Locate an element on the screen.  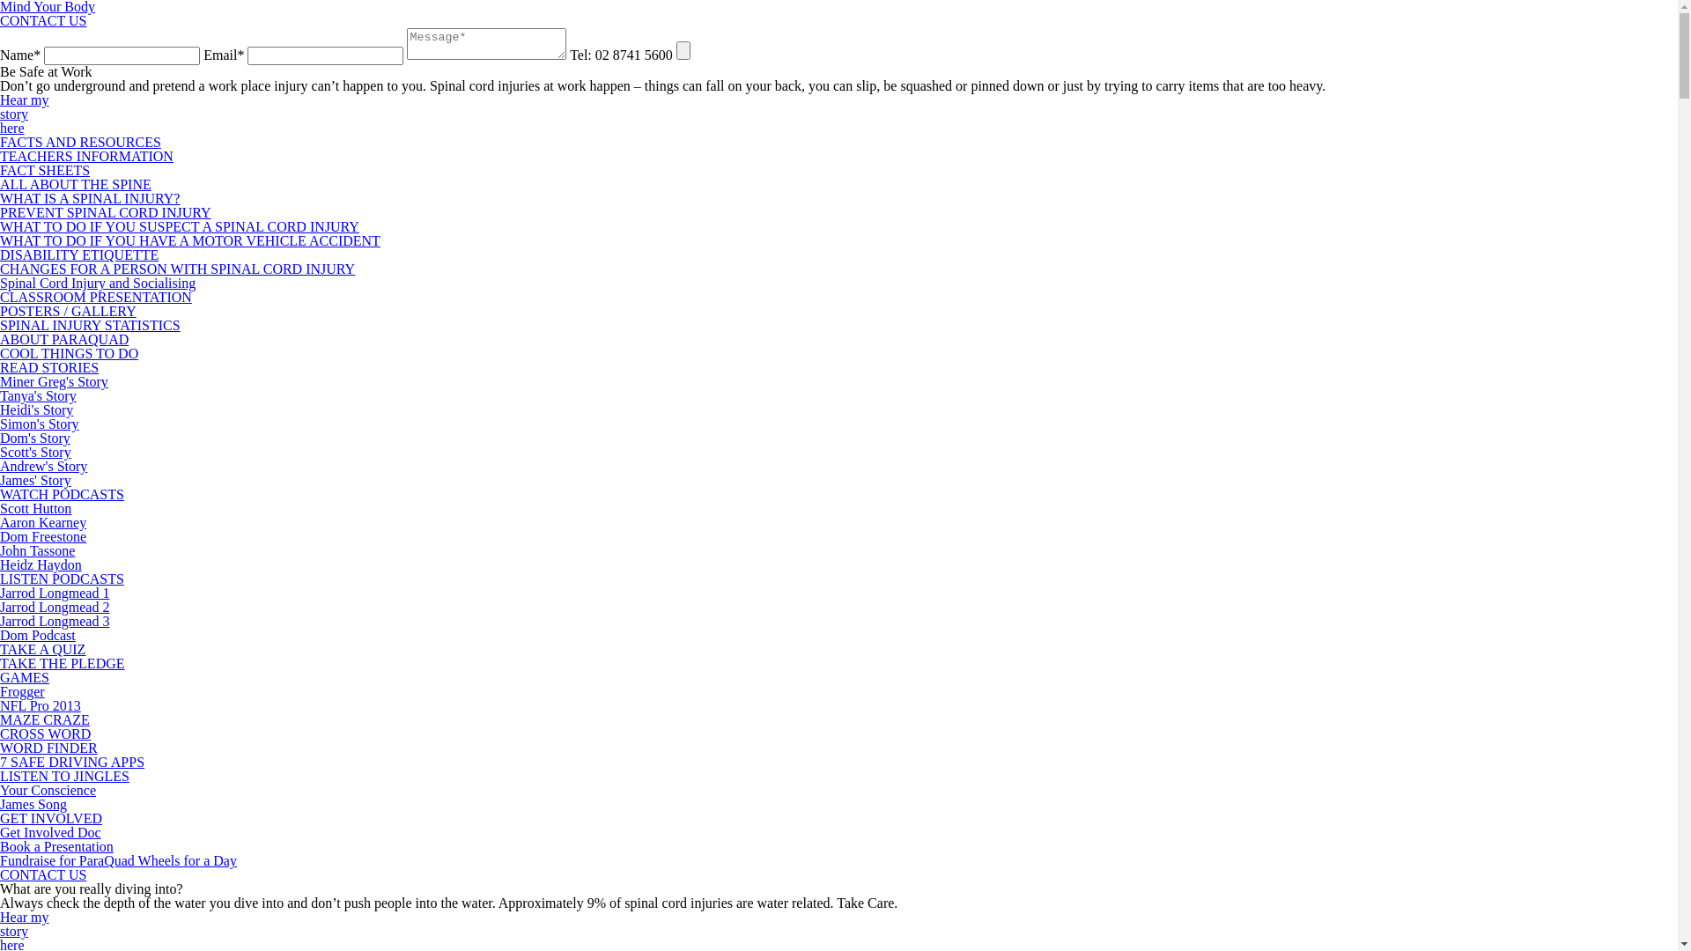
'Scott Hutton' is located at coordinates (35, 508).